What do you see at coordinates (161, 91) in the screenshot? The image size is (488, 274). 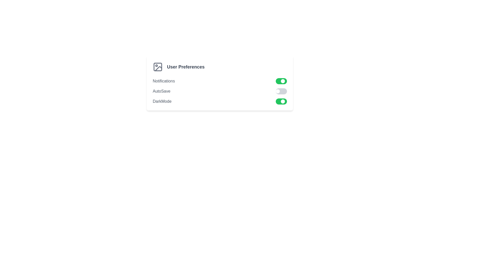 I see `the 'AutoSave' label which is positioned to the left of its corresponding toggle switch in the settings panel` at bounding box center [161, 91].